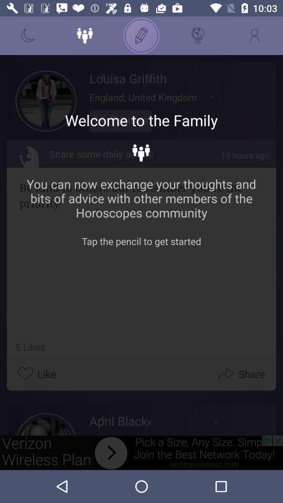  What do you see at coordinates (28, 347) in the screenshot?
I see `number of likes` at bounding box center [28, 347].